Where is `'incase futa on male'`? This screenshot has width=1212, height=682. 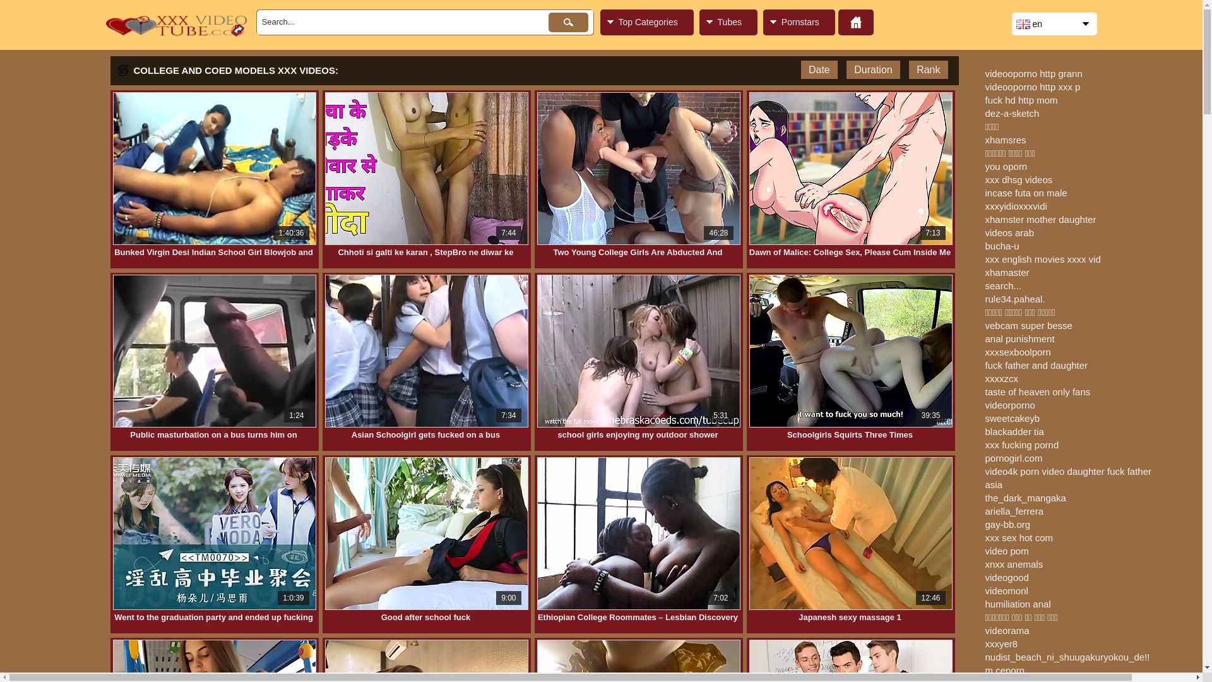 'incase futa on male' is located at coordinates (984, 193).